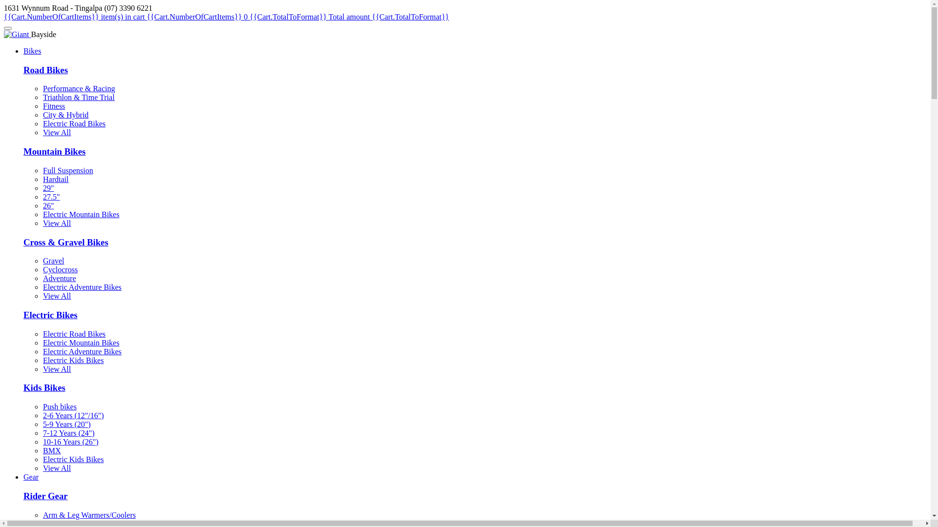 The image size is (938, 527). Describe the element at coordinates (51, 450) in the screenshot. I see `'BMX'` at that location.